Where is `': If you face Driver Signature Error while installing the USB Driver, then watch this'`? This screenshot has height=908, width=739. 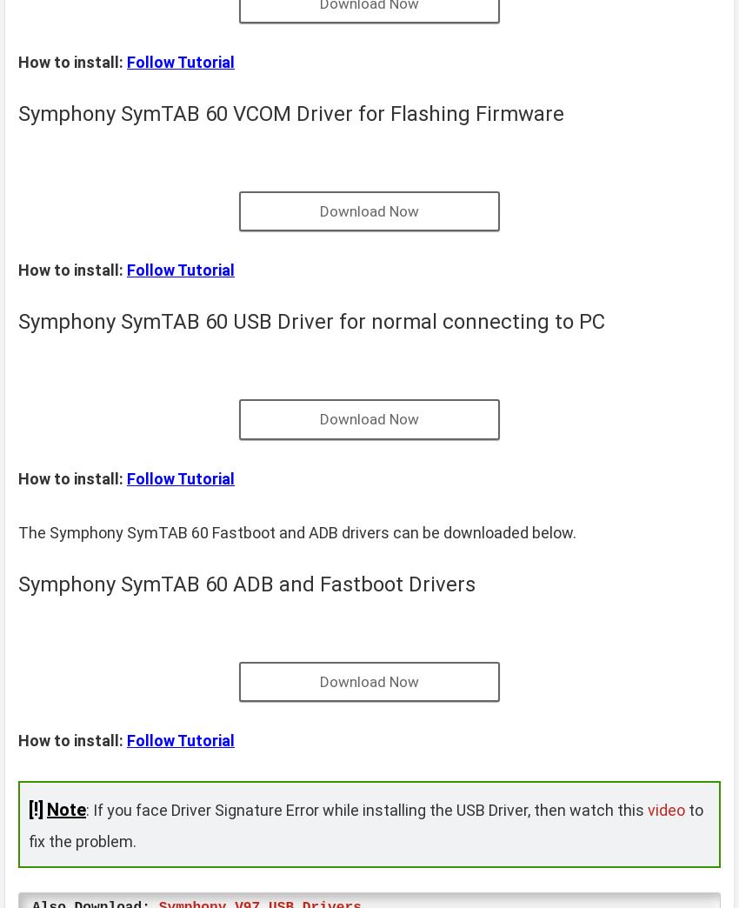 ': If you face Driver Signature Error while installing the USB Driver, then watch this' is located at coordinates (367, 808).